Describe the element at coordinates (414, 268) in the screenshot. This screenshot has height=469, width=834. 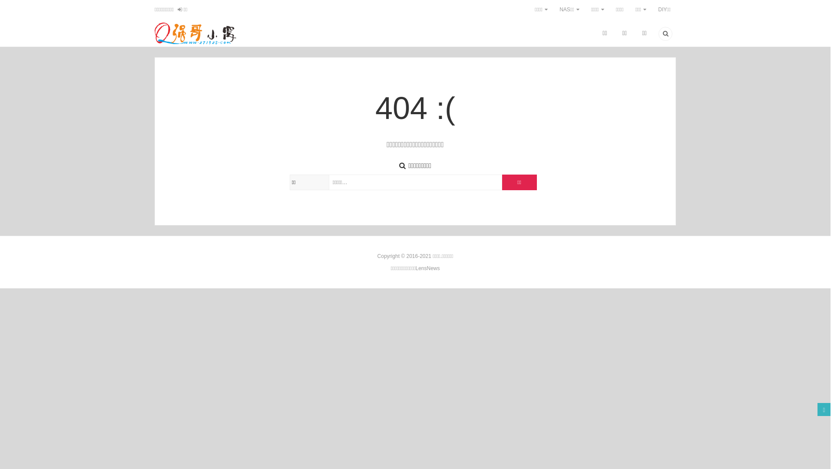
I see `'LensNews'` at that location.